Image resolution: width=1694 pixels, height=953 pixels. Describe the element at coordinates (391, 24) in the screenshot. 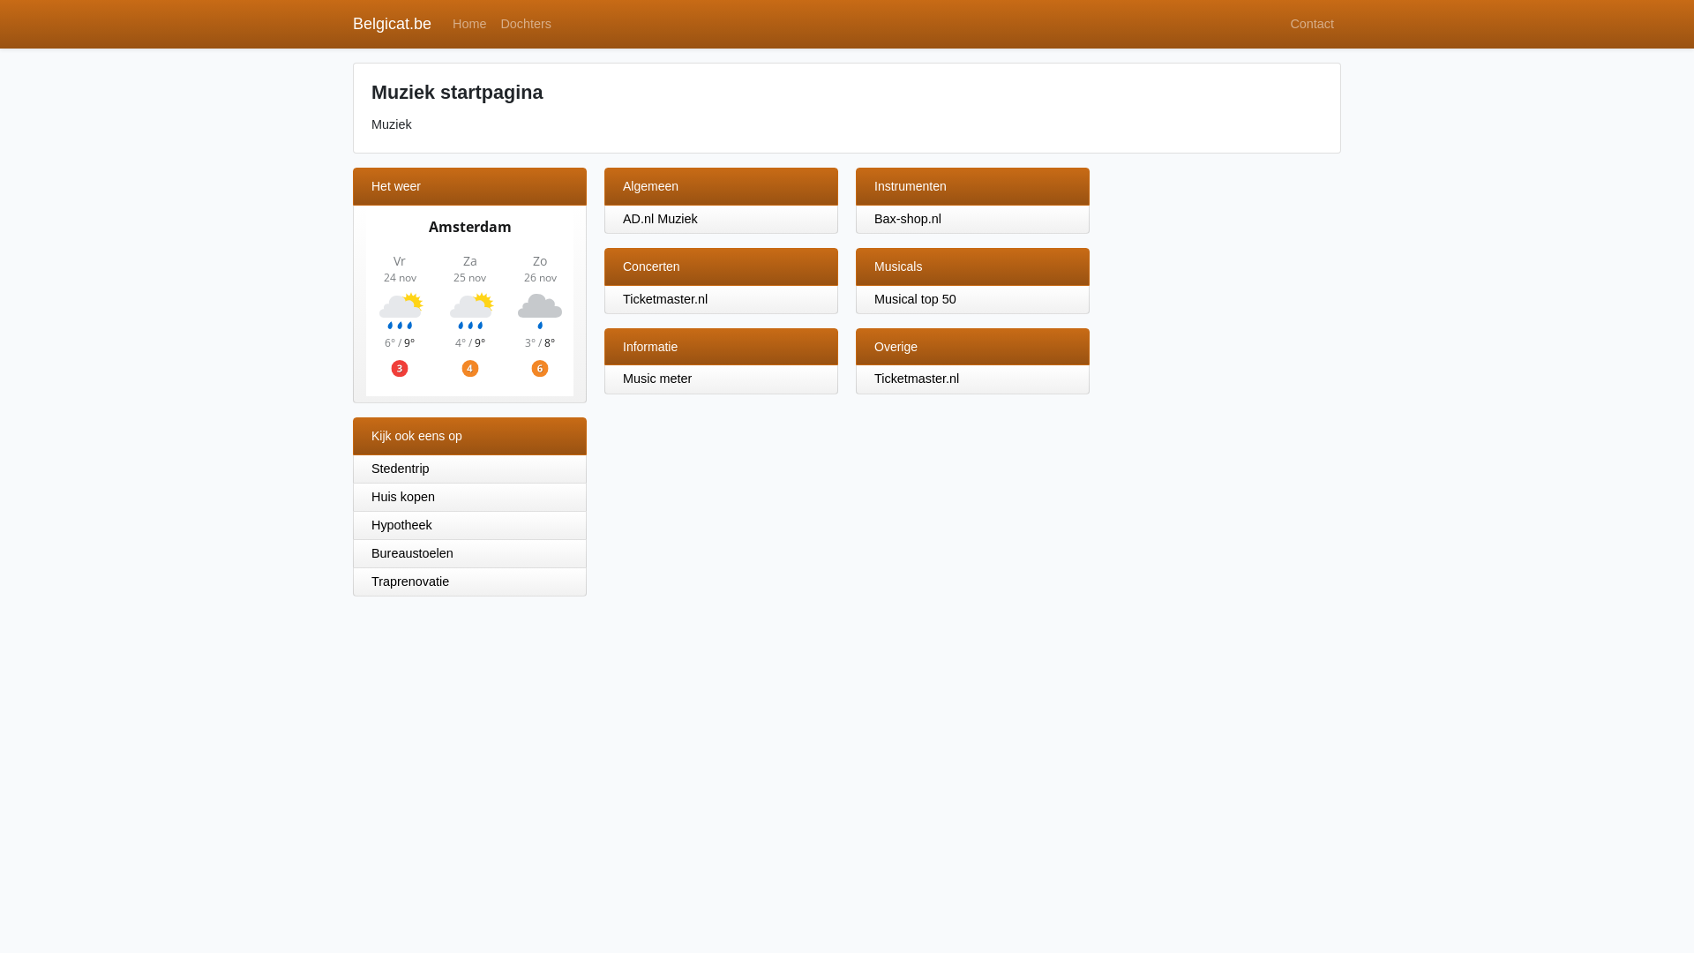

I see `'Belgicat.be'` at that location.